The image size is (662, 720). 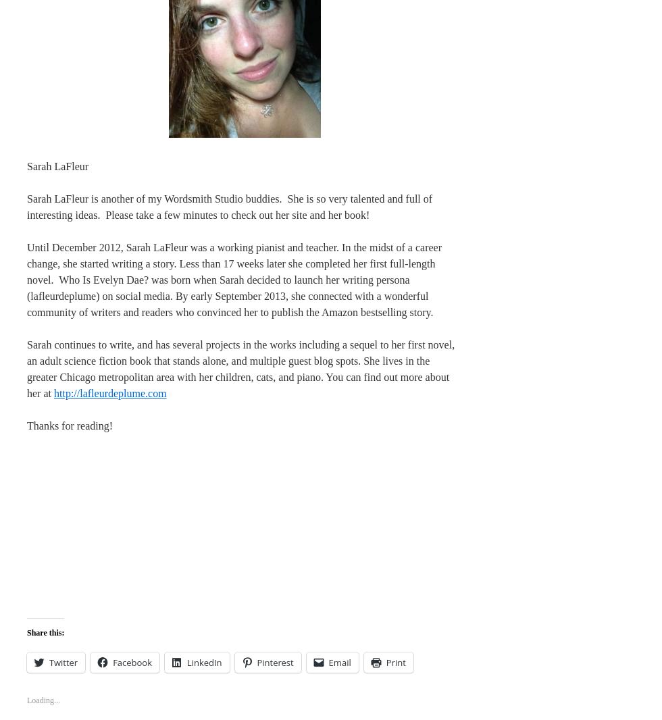 I want to click on 'Facebook', so click(x=132, y=661).